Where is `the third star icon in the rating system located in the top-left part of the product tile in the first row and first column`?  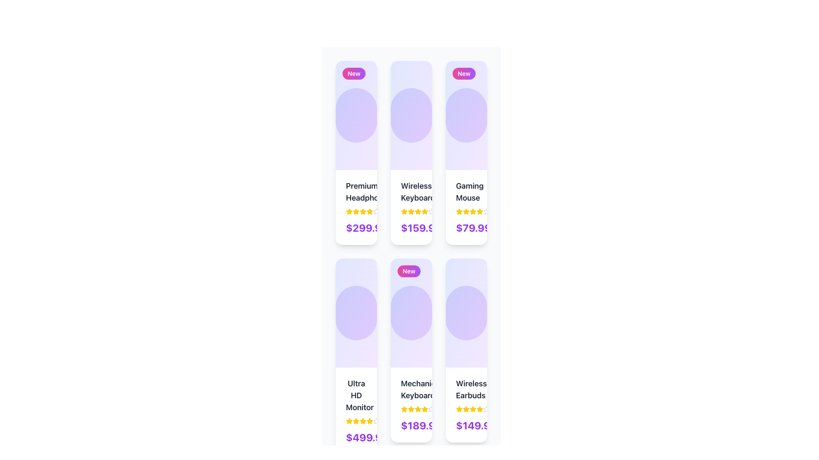
the third star icon in the rating system located in the top-left part of the product tile in the first row and first column is located at coordinates (356, 211).